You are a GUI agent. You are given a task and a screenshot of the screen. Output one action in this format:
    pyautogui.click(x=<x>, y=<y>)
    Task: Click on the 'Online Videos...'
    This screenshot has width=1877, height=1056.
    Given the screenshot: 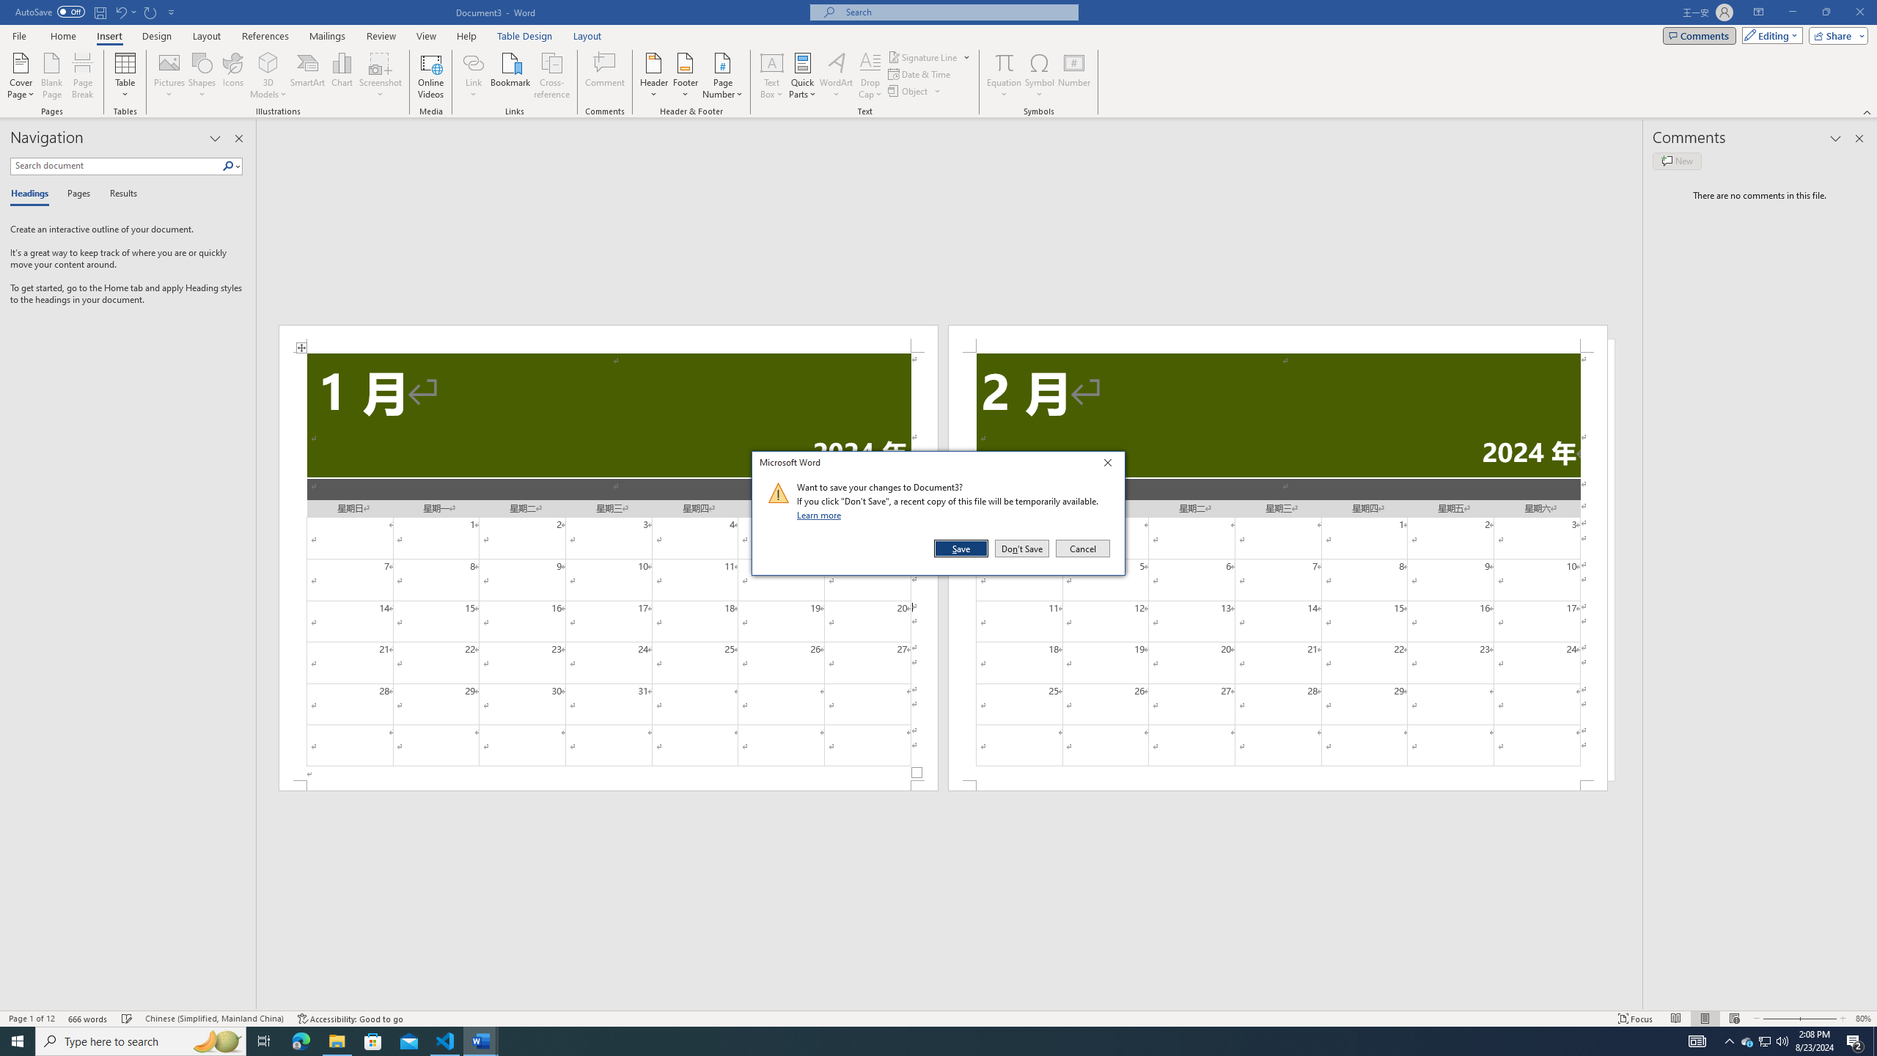 What is the action you would take?
    pyautogui.click(x=430, y=76)
    